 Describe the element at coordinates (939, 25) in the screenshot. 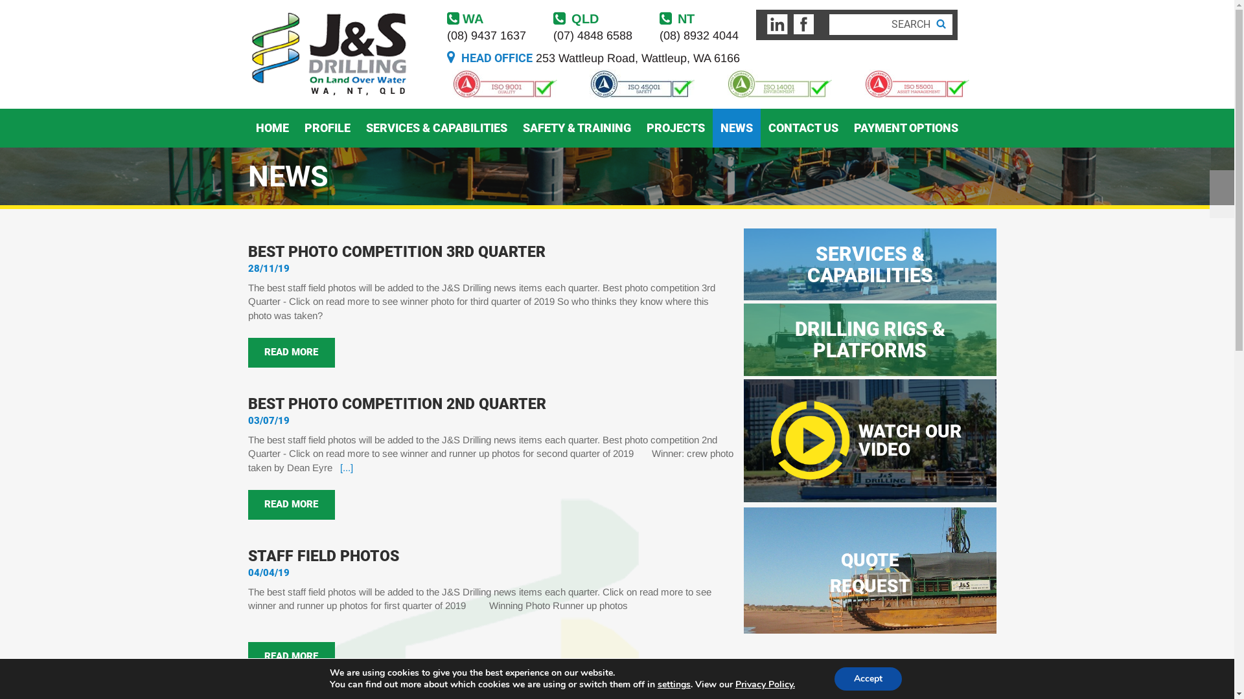

I see `'Search'` at that location.